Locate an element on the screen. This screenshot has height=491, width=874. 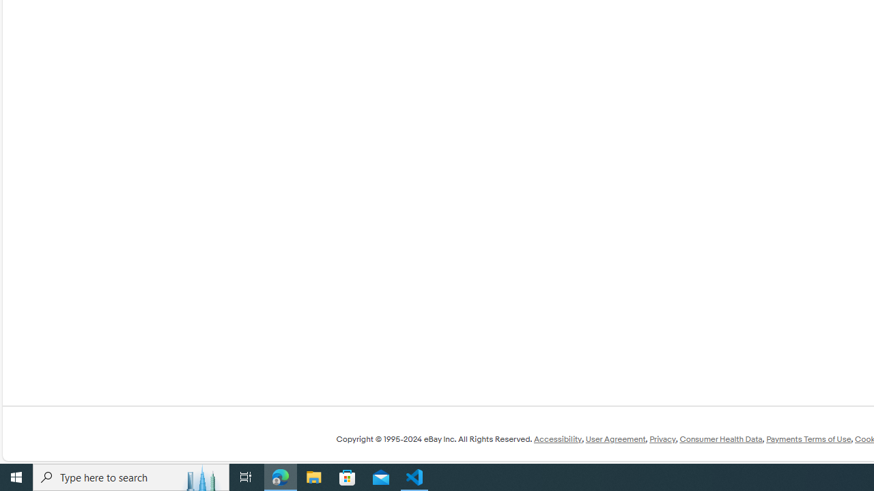
'User Agreement' is located at coordinates (615, 439).